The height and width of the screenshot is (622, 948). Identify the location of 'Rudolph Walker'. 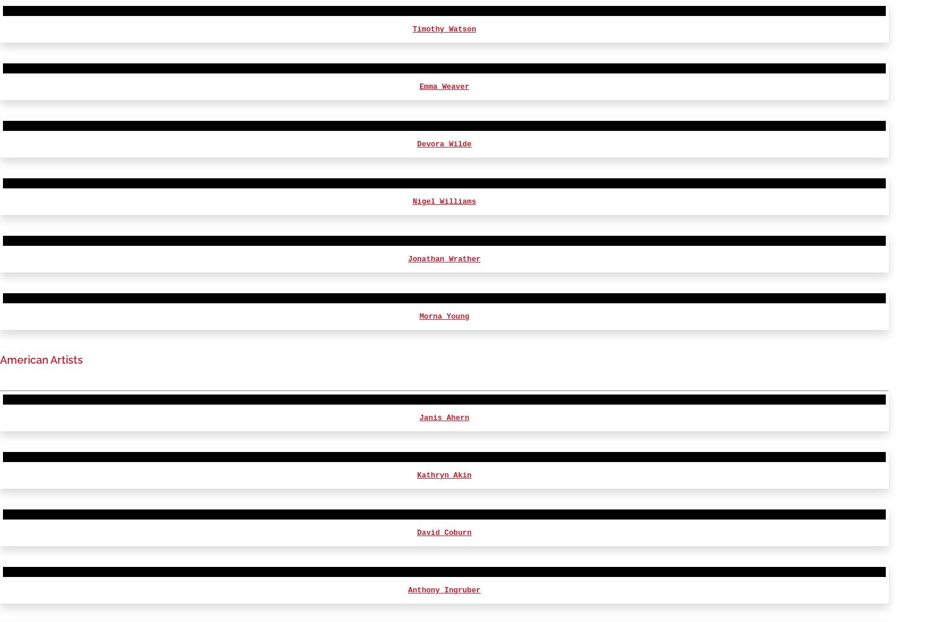
(412, 456).